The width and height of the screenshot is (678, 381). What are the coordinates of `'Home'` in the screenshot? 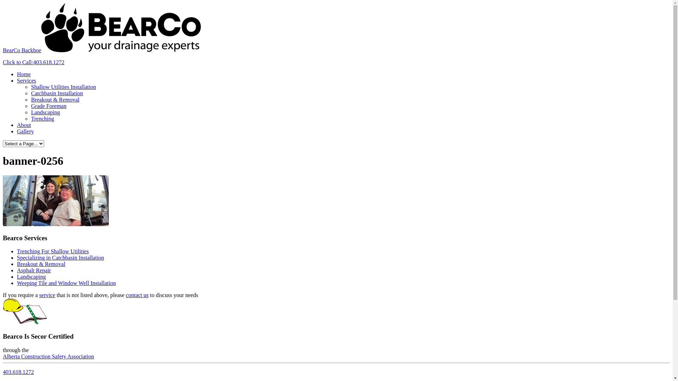 It's located at (24, 74).